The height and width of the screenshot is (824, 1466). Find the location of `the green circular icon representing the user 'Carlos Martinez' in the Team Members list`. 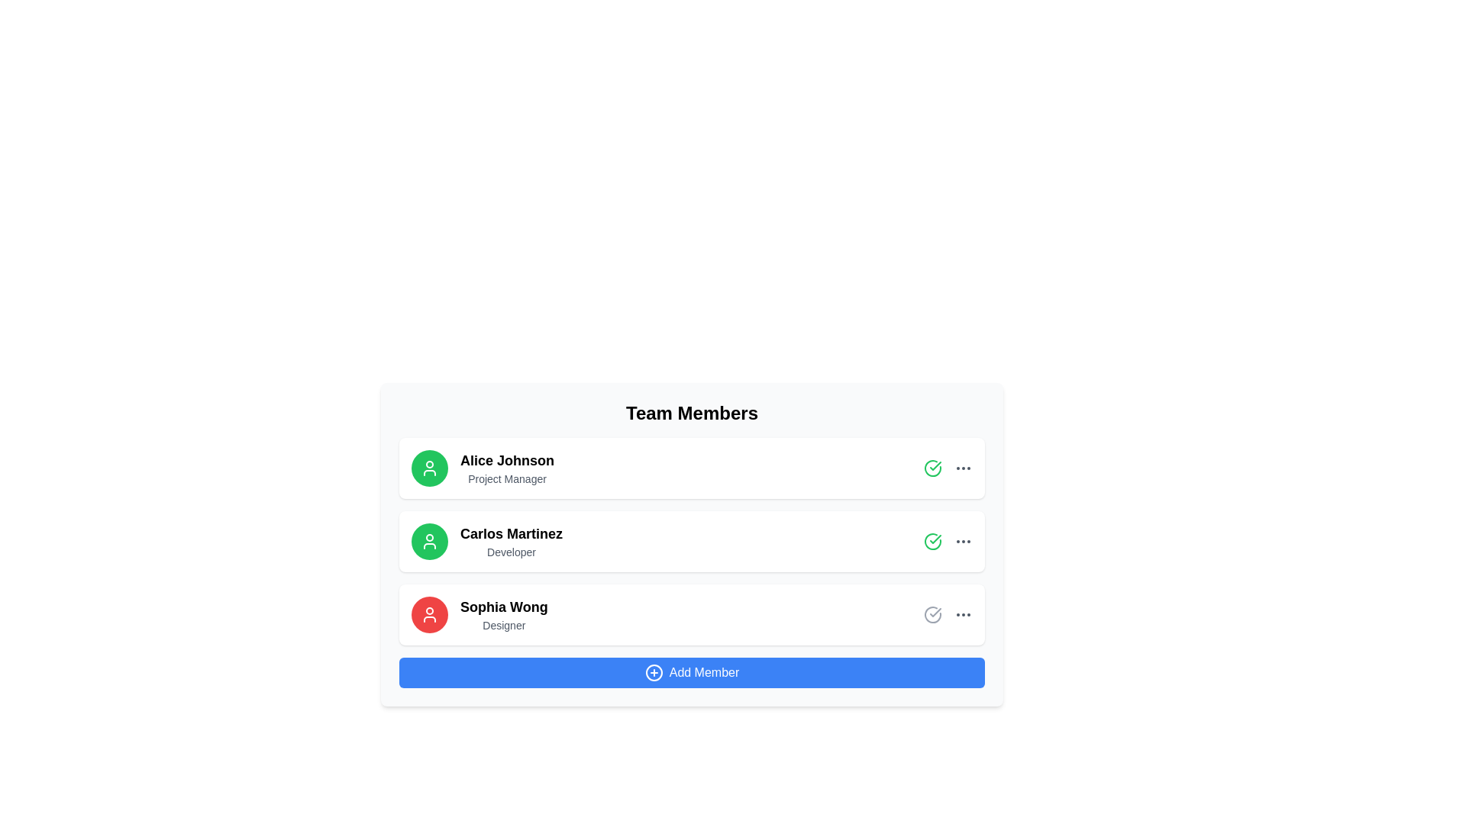

the green circular icon representing the user 'Carlos Martinez' in the Team Members list is located at coordinates (428, 540).